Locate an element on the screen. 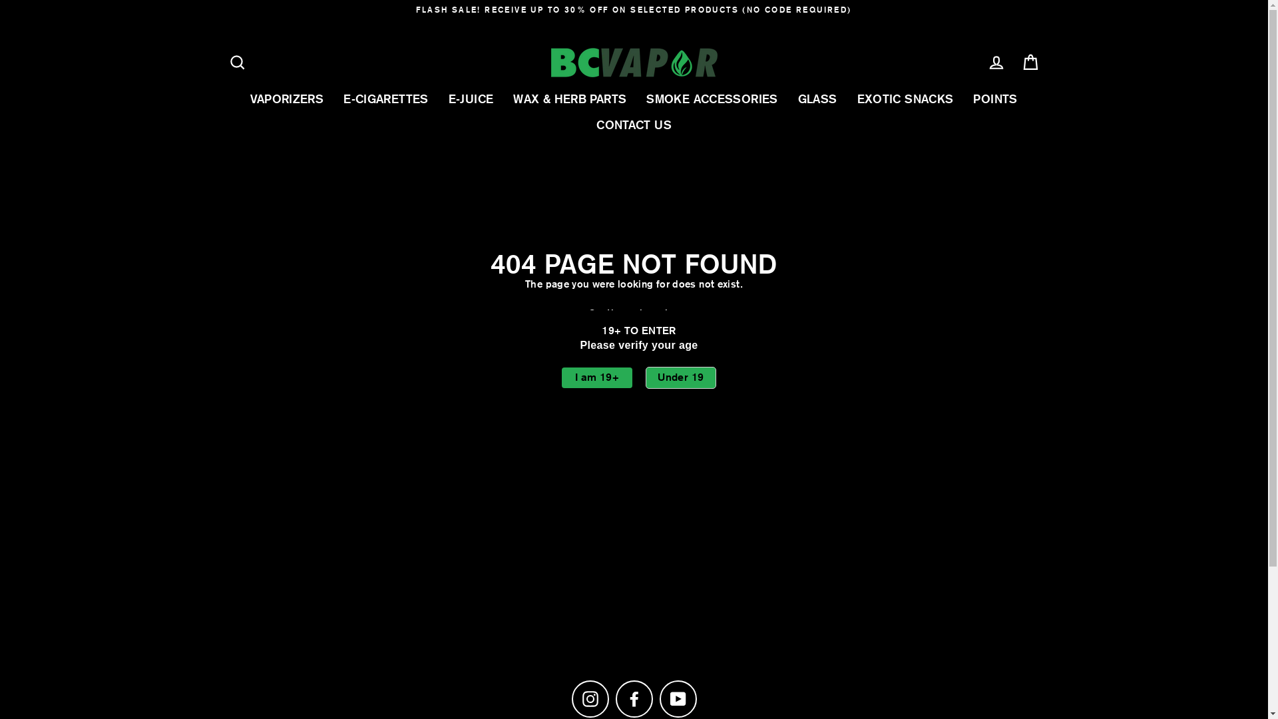 The height and width of the screenshot is (719, 1278). 'SMOKE ACCESSORIES' is located at coordinates (711, 98).